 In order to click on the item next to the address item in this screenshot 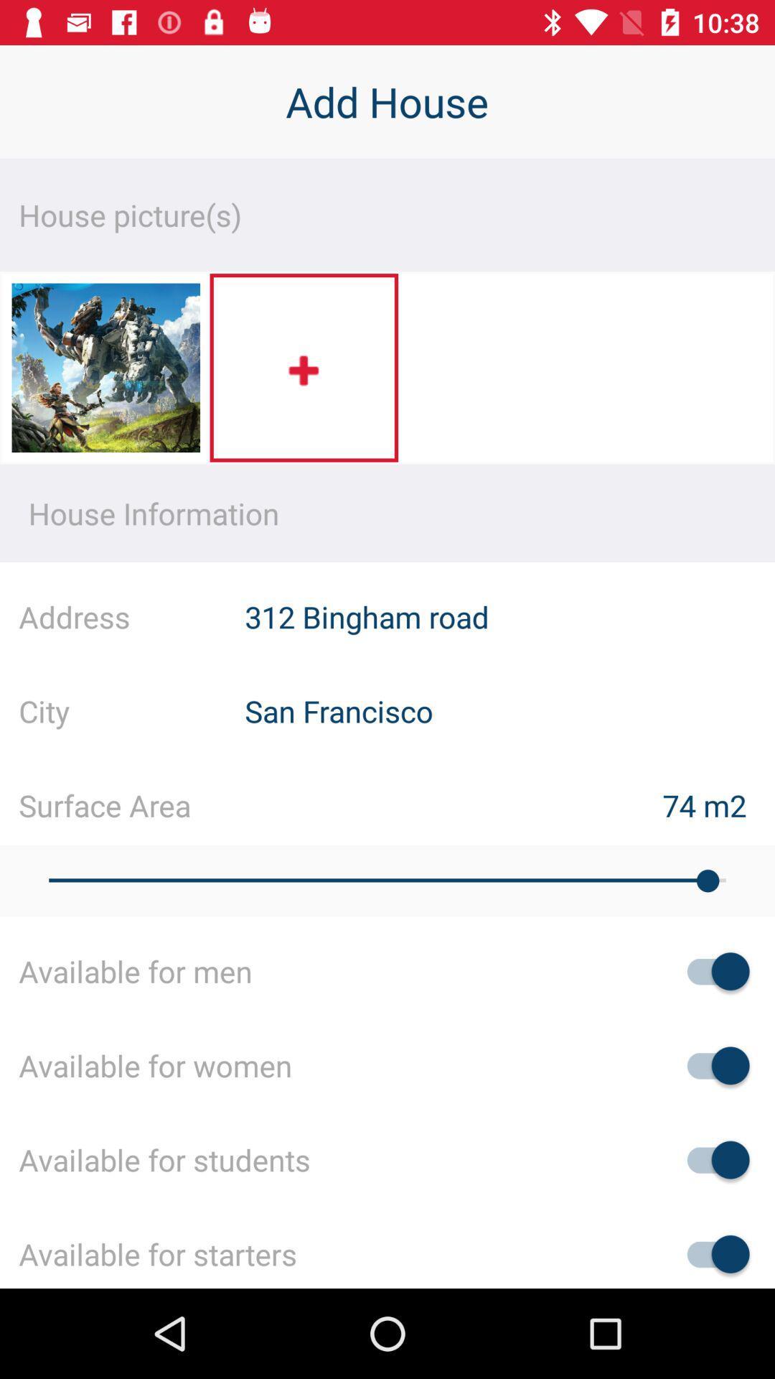, I will do `click(509, 616)`.